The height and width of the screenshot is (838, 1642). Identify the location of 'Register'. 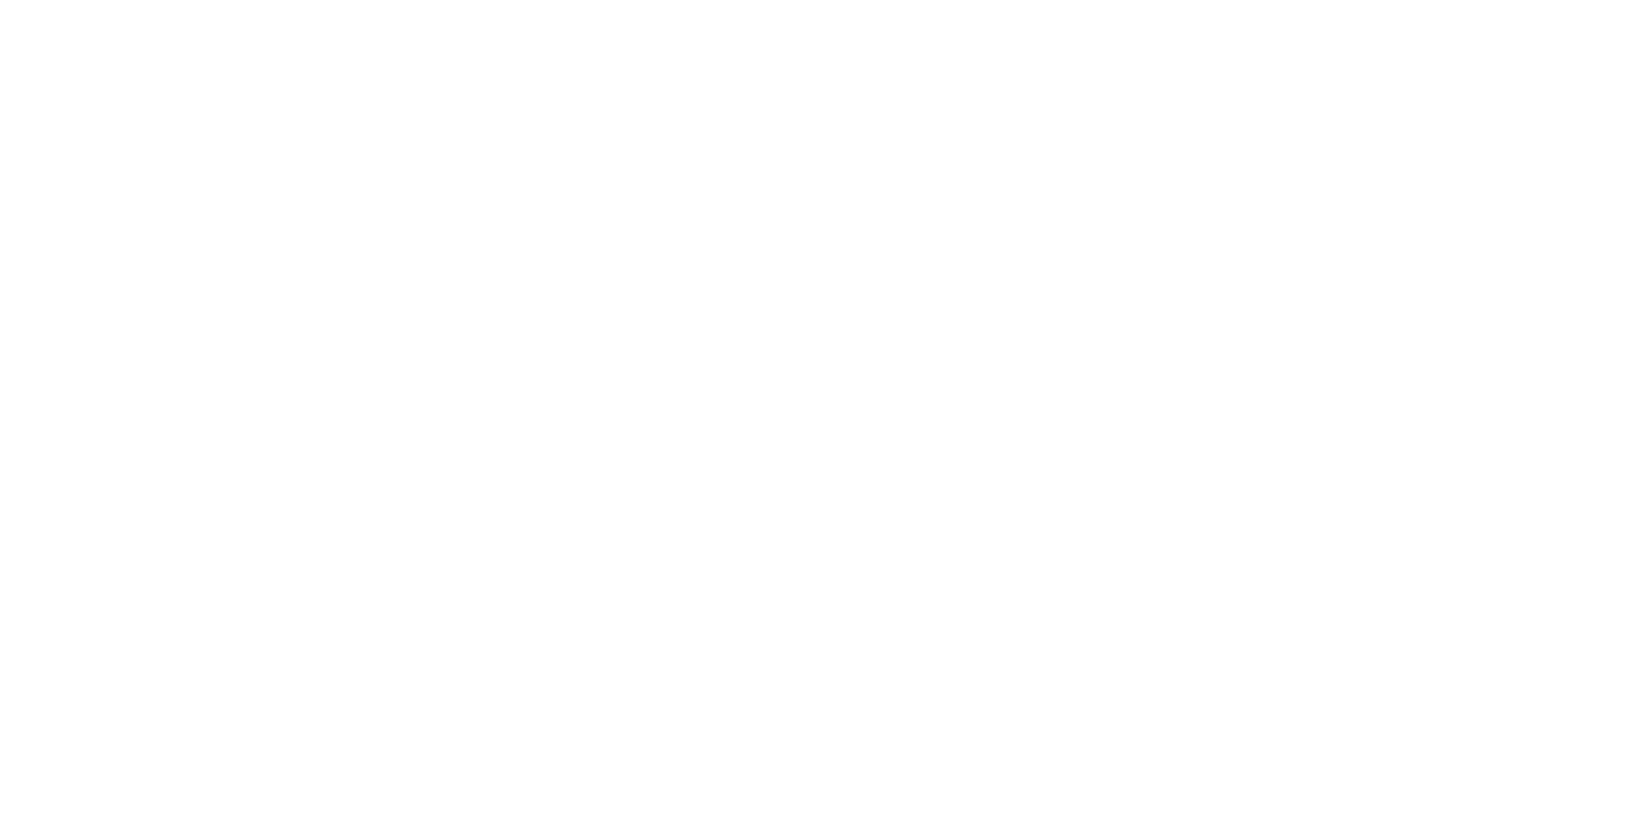
(0, 227).